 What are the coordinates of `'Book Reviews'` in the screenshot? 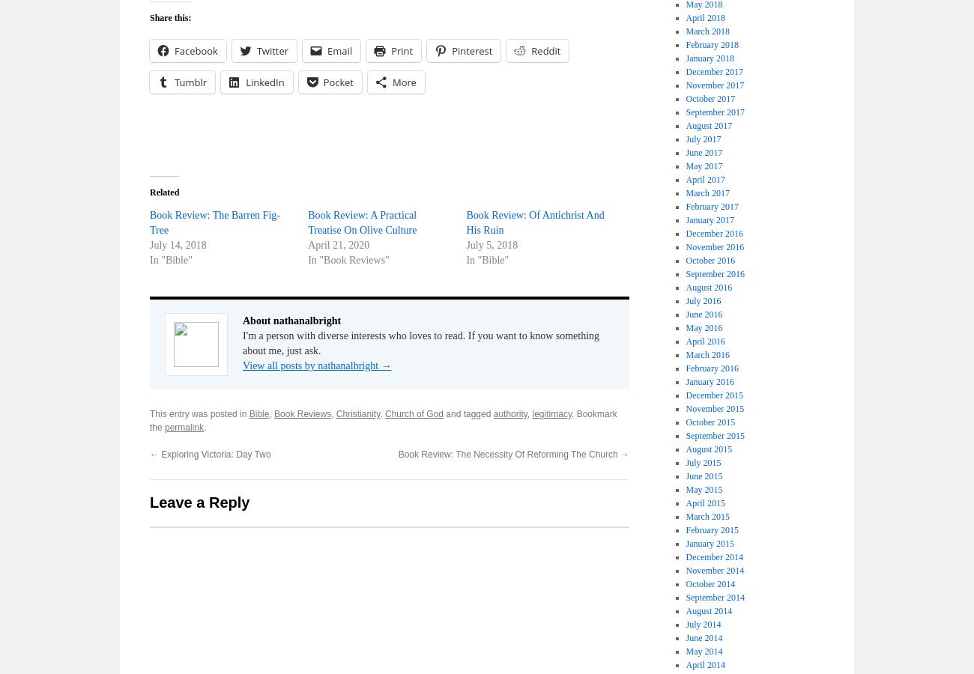 It's located at (273, 413).